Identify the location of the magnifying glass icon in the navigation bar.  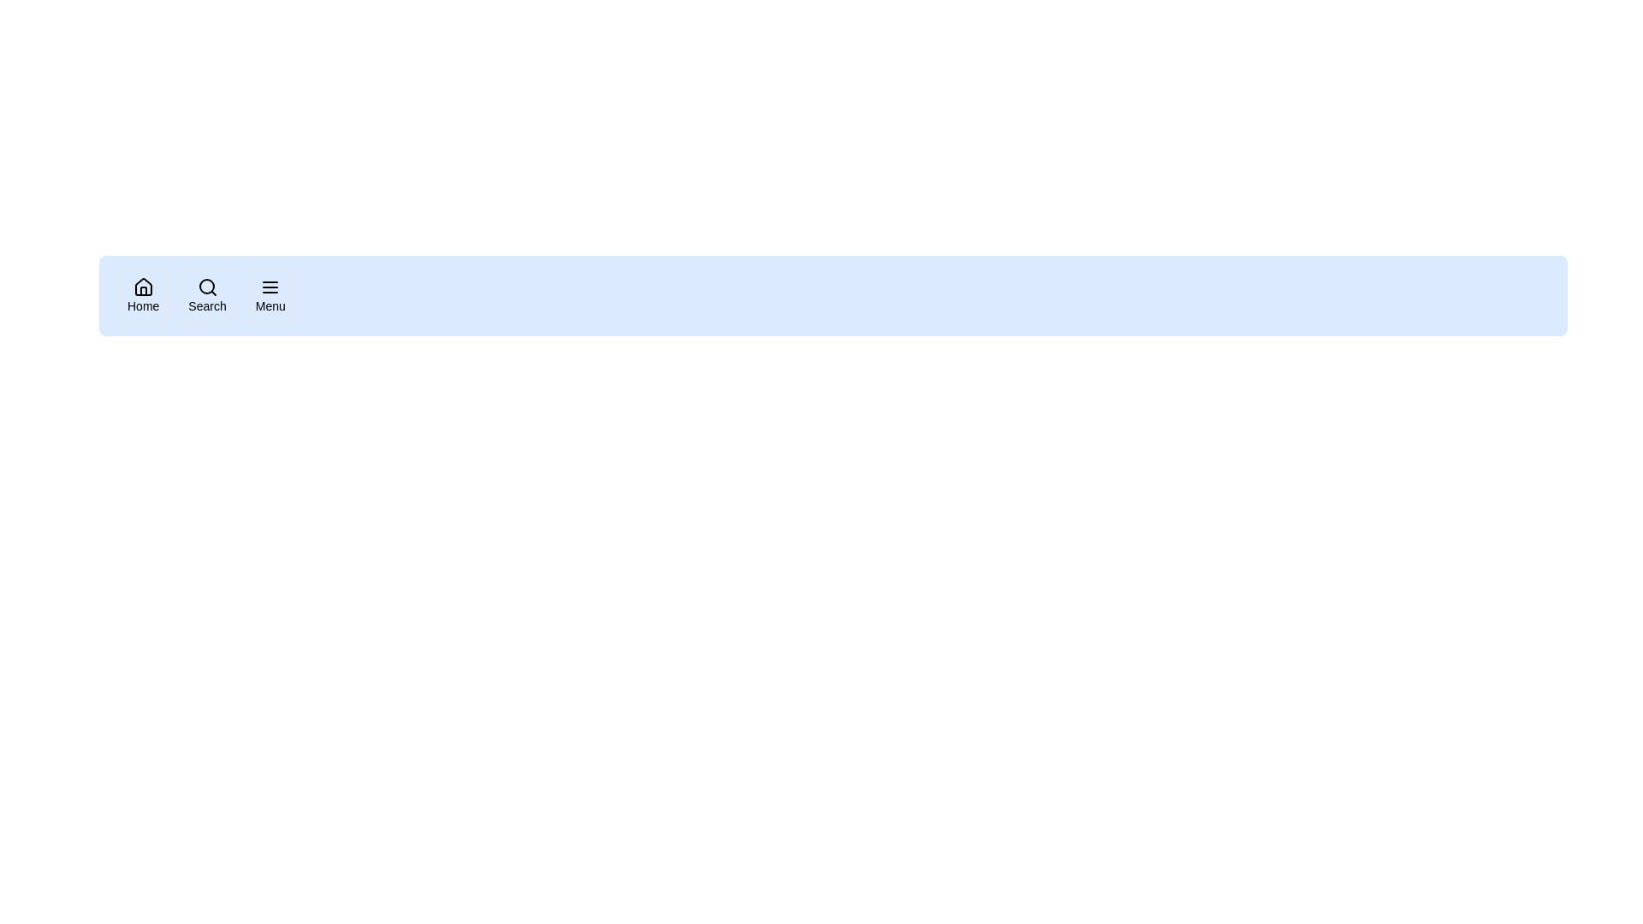
(206, 286).